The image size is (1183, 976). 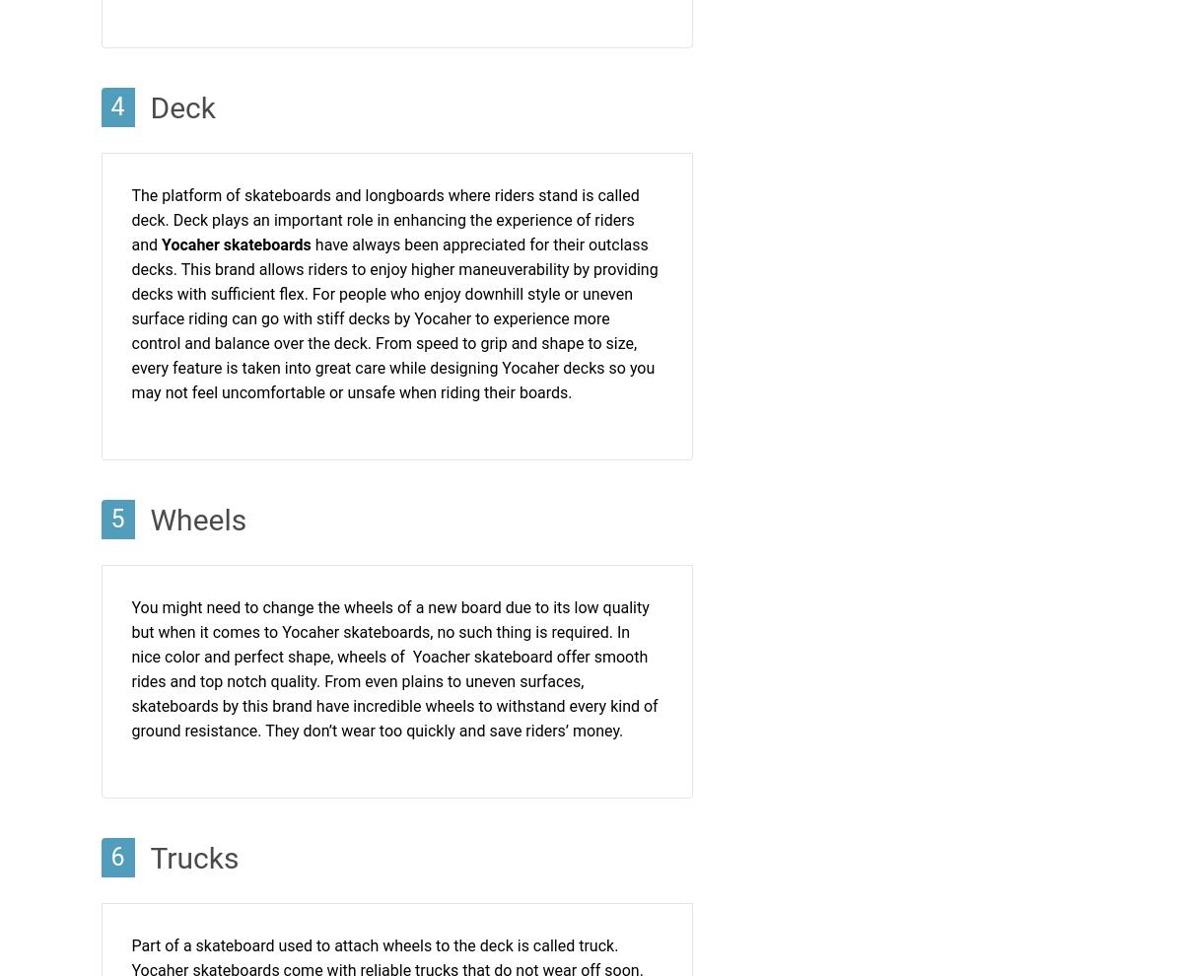 I want to click on '6', so click(x=117, y=857).